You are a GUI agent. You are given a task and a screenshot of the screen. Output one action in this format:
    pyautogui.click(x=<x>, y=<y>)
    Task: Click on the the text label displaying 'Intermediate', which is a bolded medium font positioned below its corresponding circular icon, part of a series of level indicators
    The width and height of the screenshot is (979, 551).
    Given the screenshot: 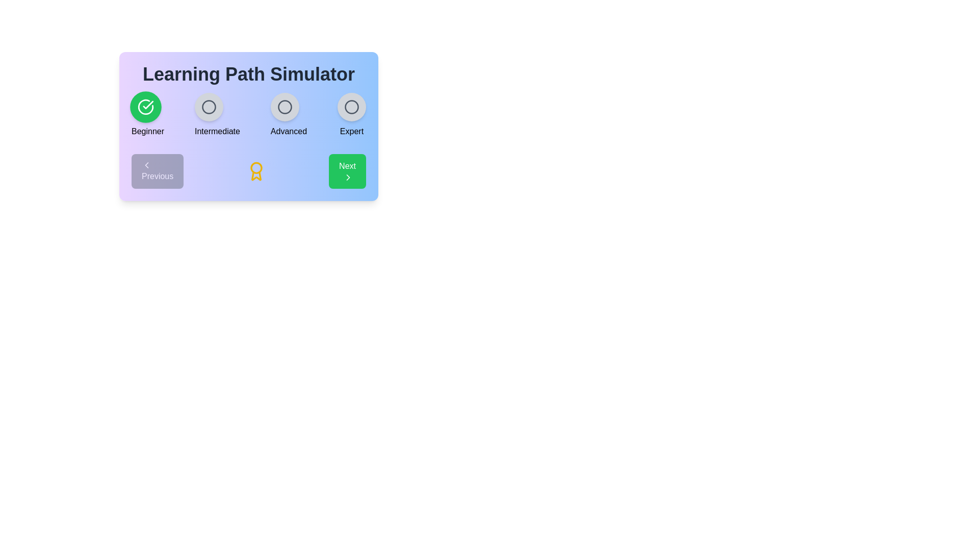 What is the action you would take?
    pyautogui.click(x=217, y=131)
    